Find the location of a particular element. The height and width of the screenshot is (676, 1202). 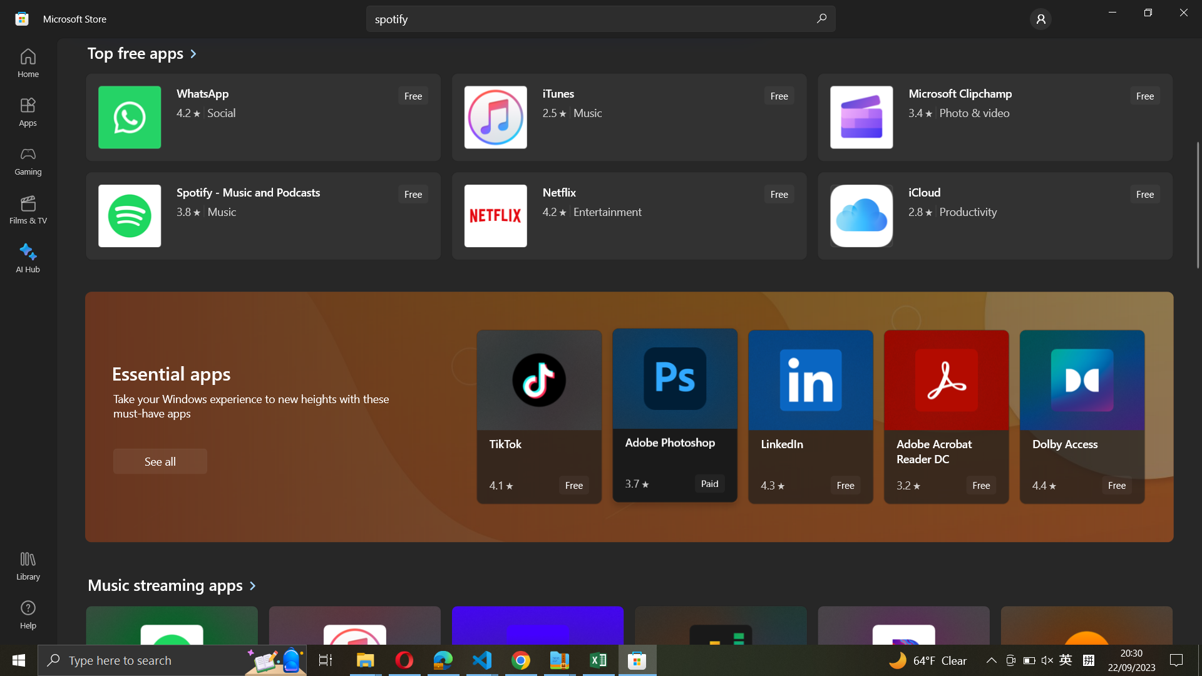

Activate Dolby Access program is located at coordinates (1081, 417).